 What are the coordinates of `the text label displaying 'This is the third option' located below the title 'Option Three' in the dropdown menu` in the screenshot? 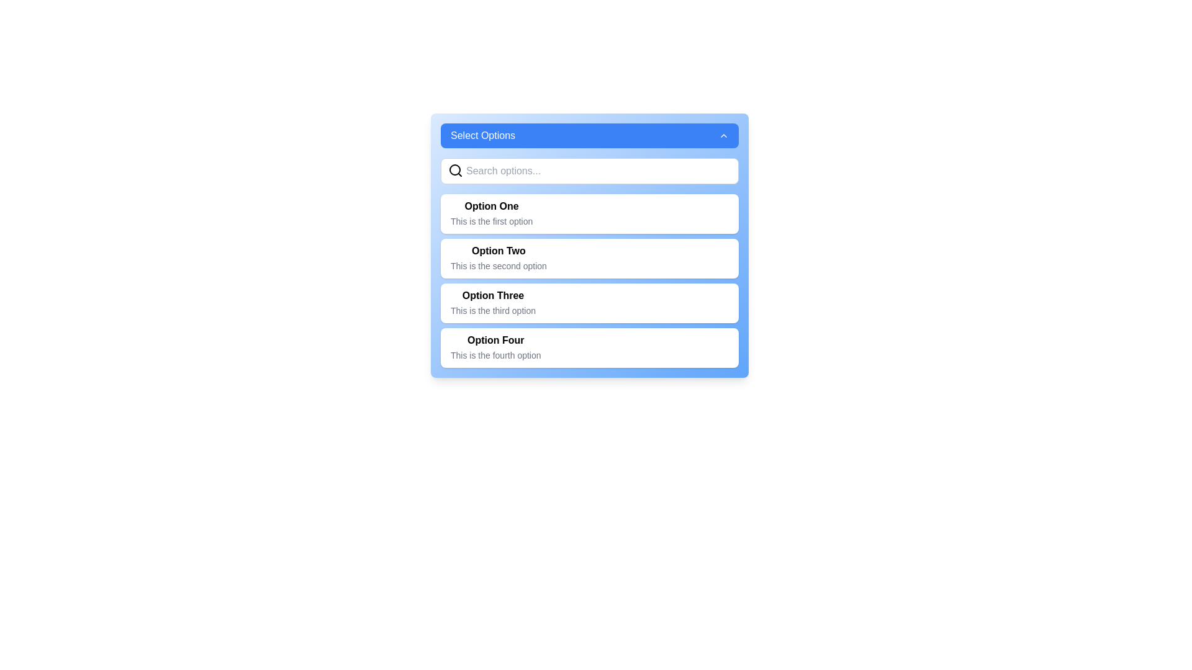 It's located at (492, 310).